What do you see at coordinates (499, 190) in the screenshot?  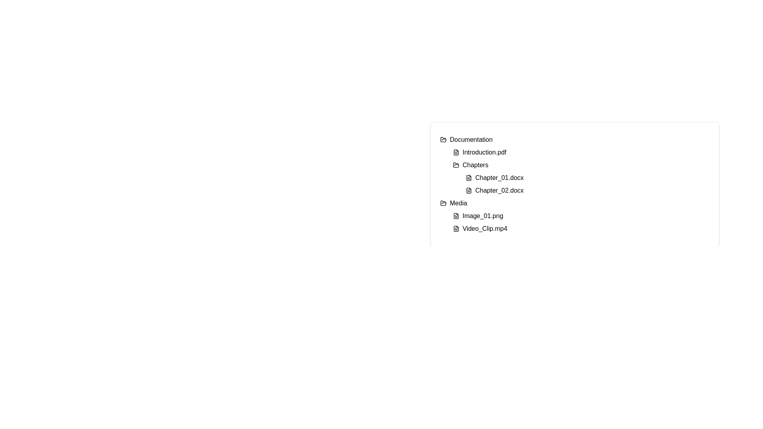 I see `the text label displaying 'Chapter_02.docx' by performing a single click on it` at bounding box center [499, 190].